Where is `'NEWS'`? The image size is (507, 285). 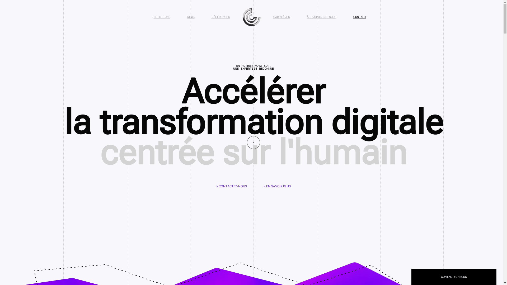 'NEWS' is located at coordinates (190, 17).